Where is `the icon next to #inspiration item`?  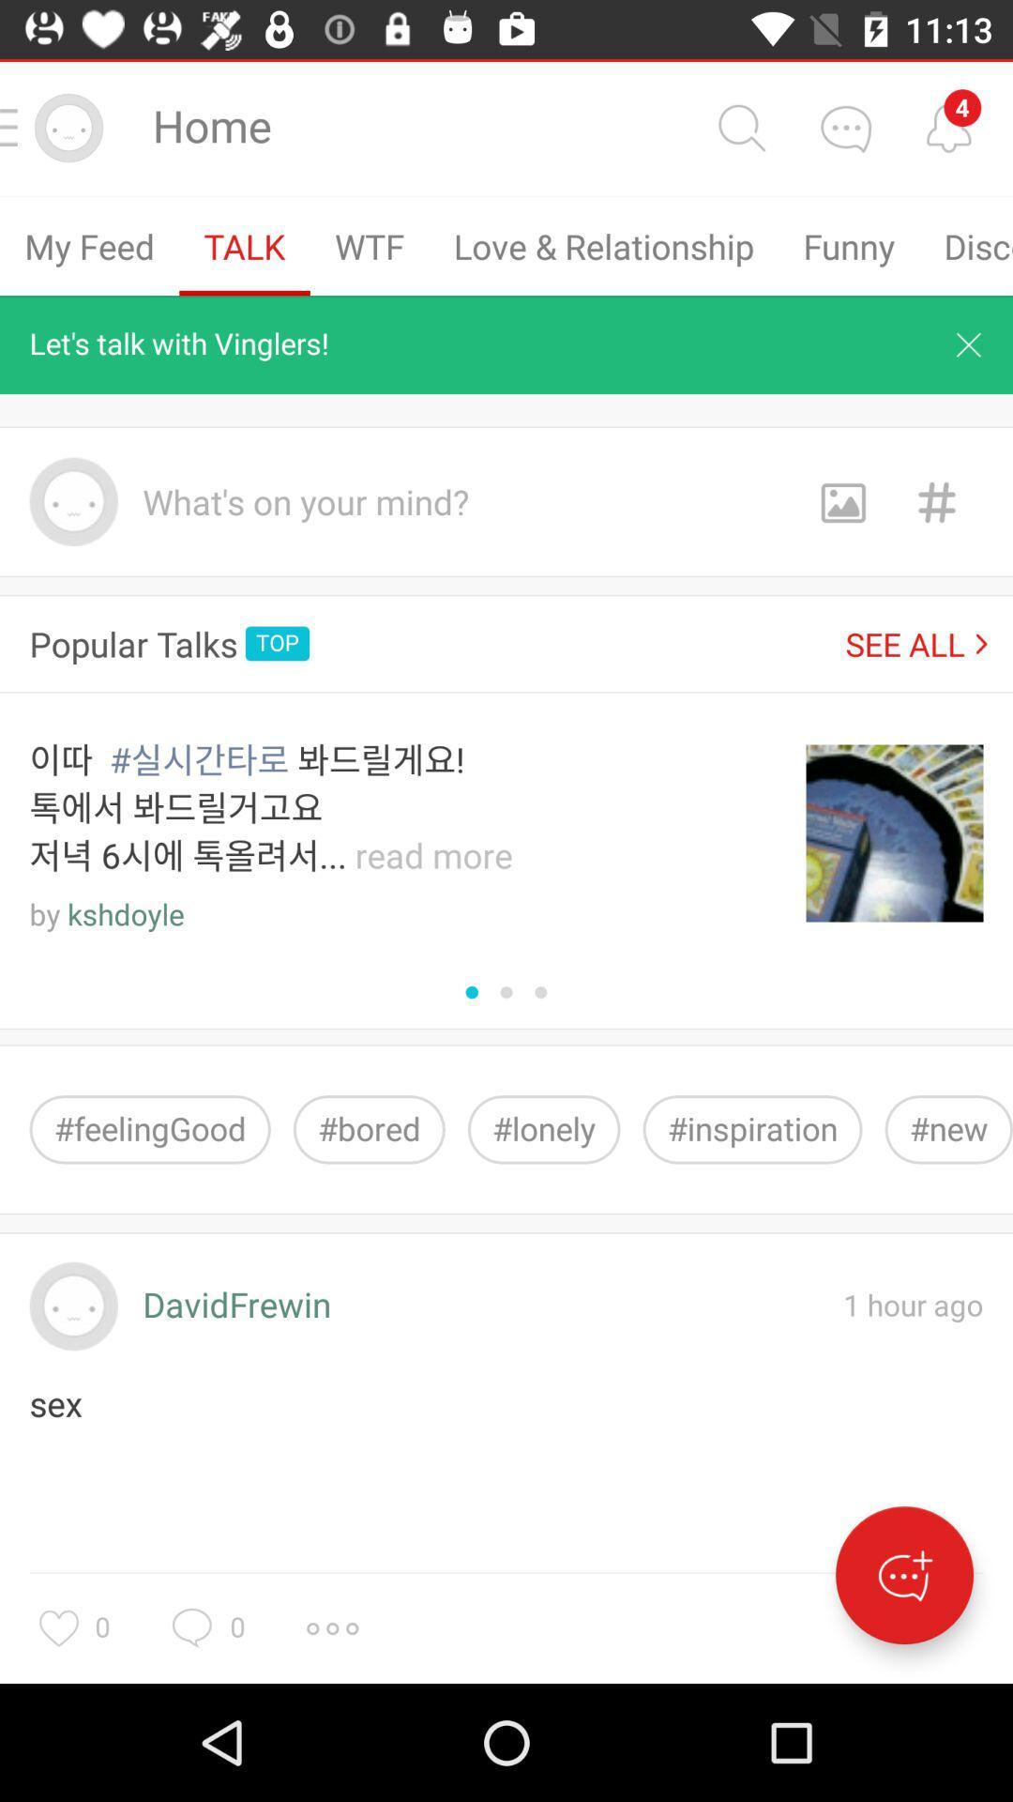
the icon next to #inspiration item is located at coordinates (948, 1128).